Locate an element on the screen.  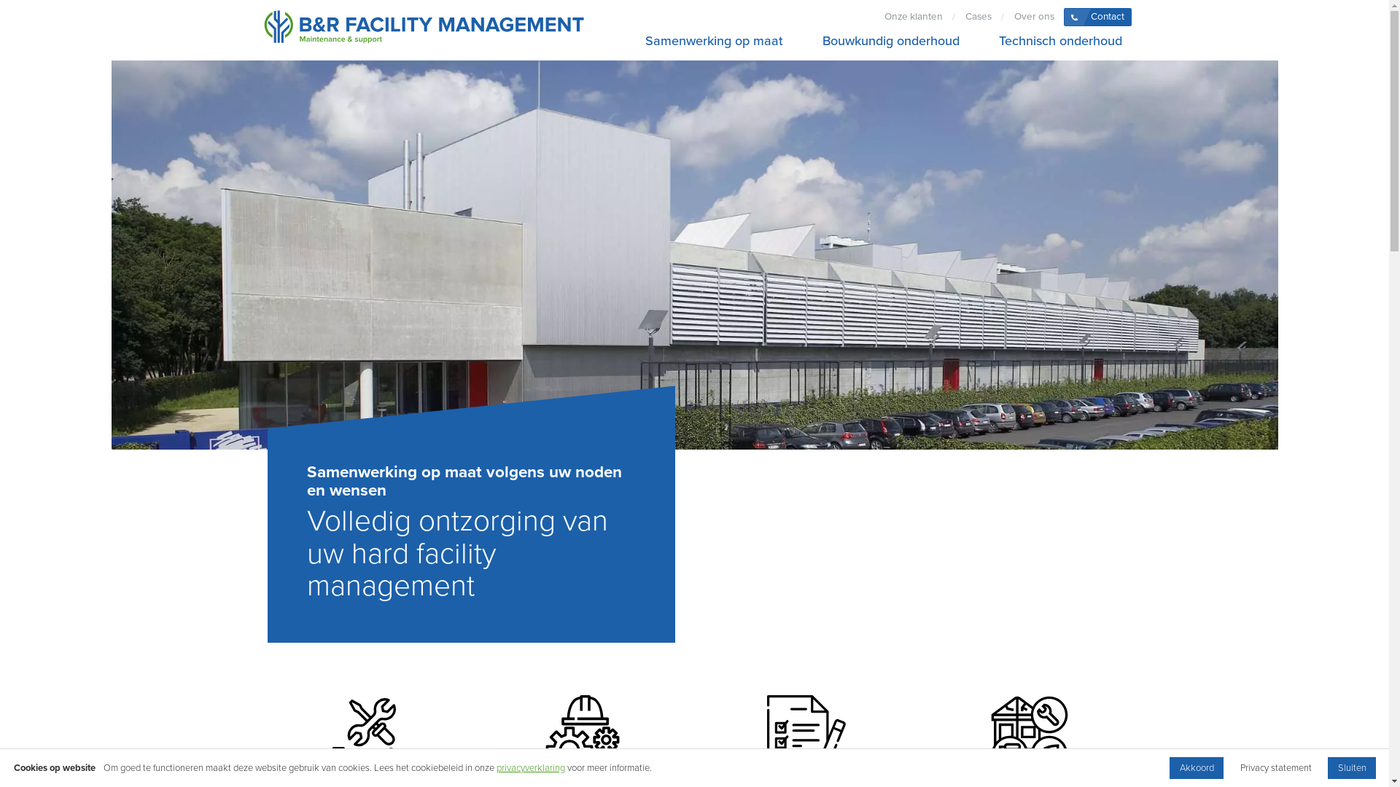
'Onze klanten' is located at coordinates (912, 17).